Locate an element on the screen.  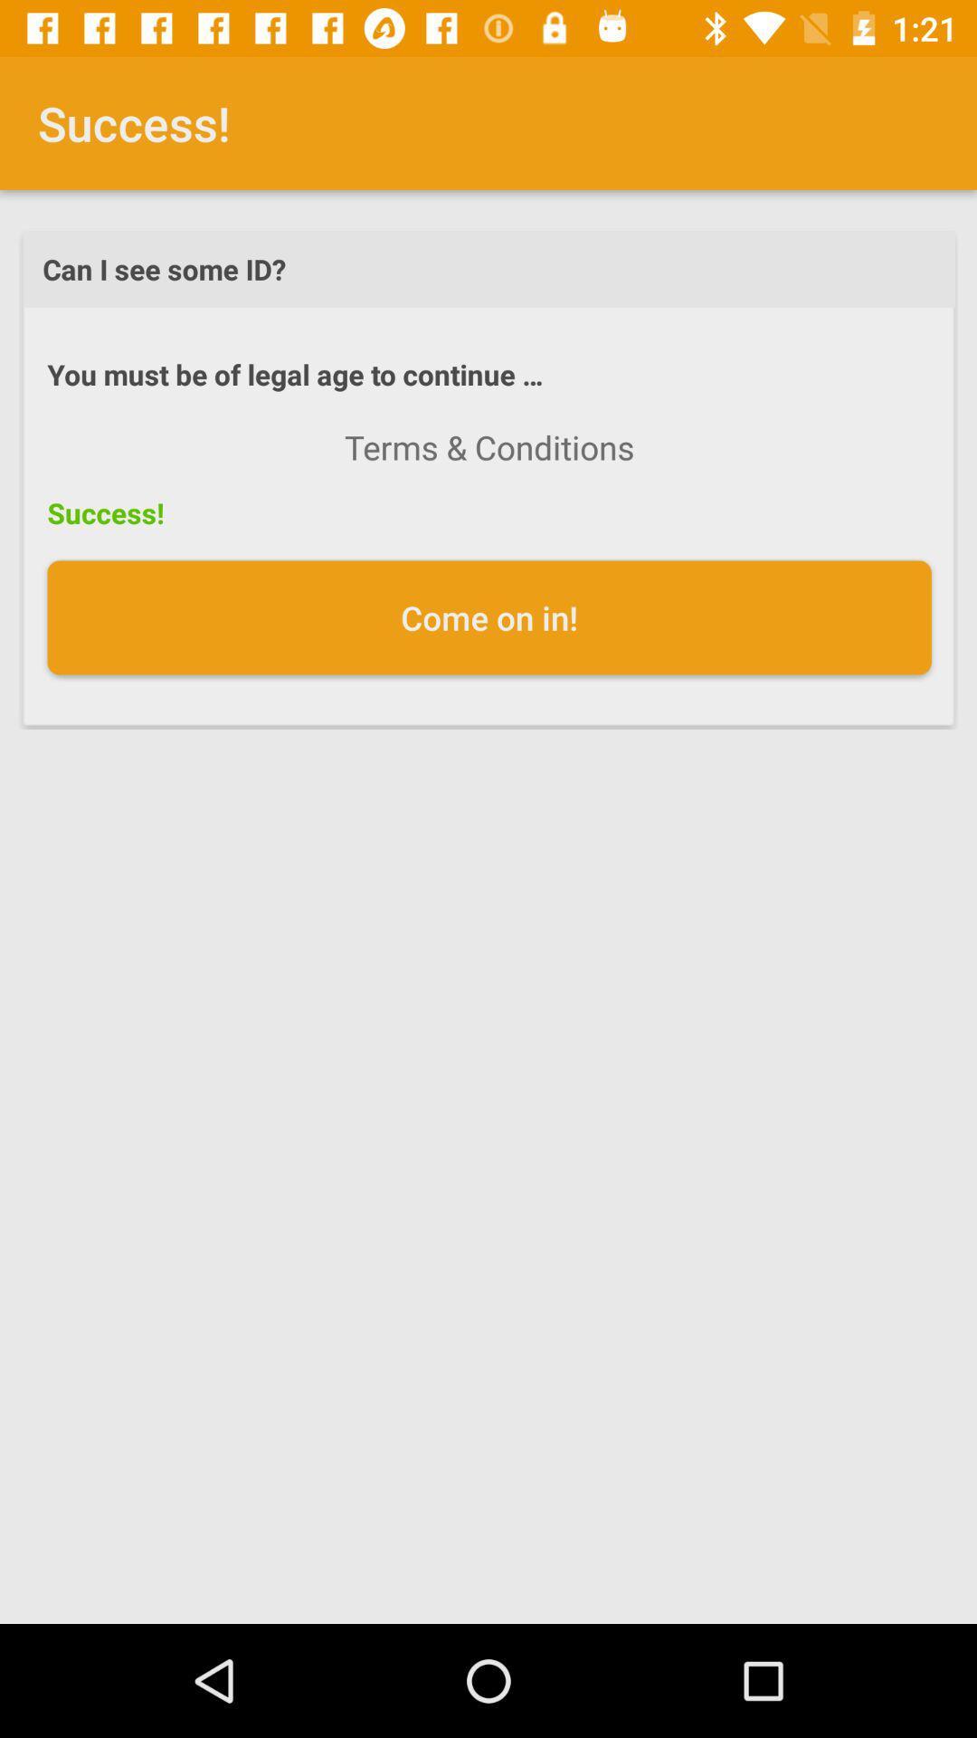
the terms & conditions is located at coordinates (489, 447).